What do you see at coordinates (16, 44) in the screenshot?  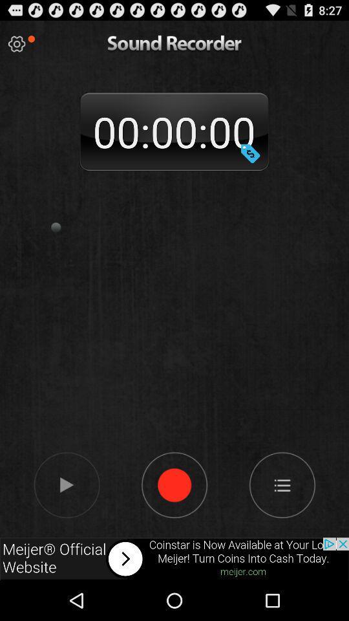 I see `click button` at bounding box center [16, 44].